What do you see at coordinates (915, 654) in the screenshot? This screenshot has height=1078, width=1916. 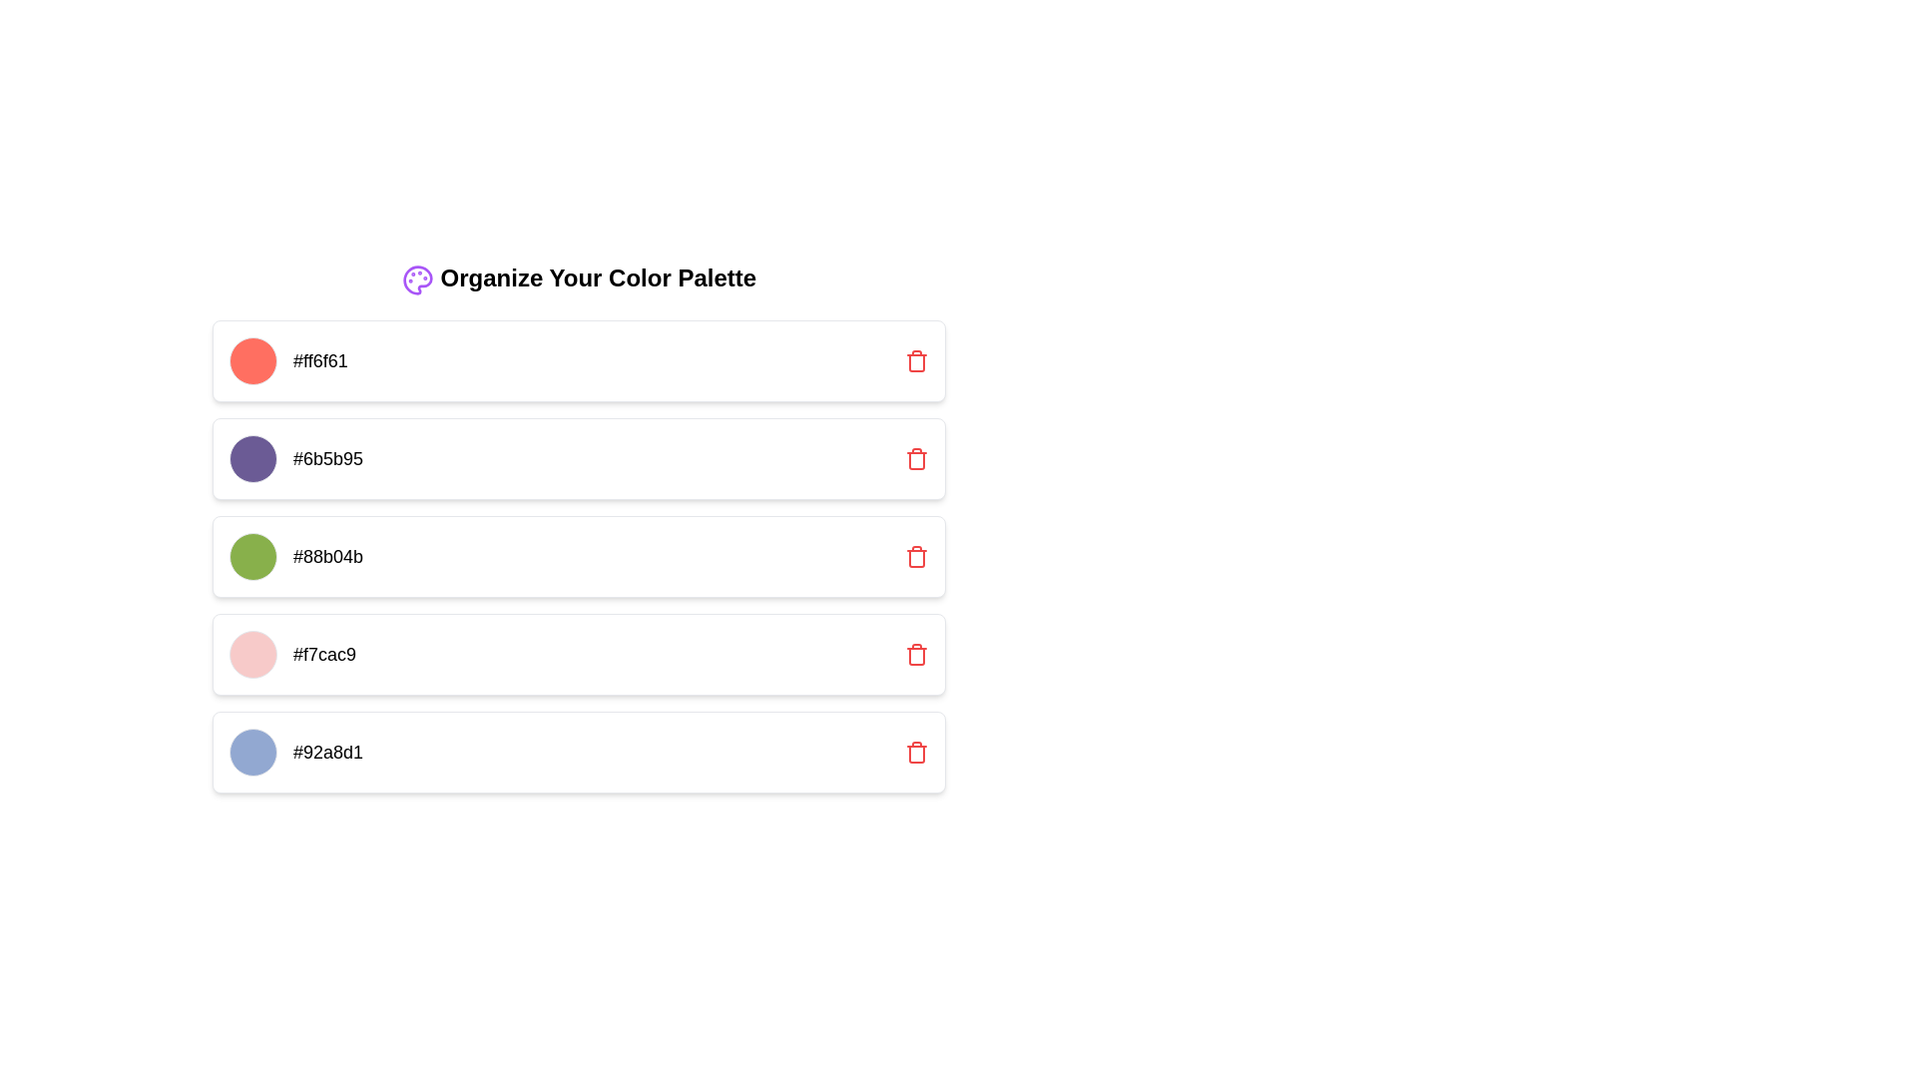 I see `the red trash can icon button, which is located on the far right of the fourth row of color palette items` at bounding box center [915, 654].